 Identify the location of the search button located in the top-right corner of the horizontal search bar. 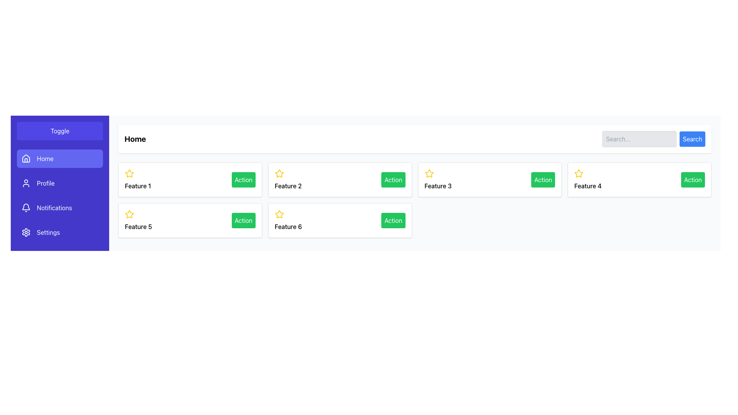
(692, 139).